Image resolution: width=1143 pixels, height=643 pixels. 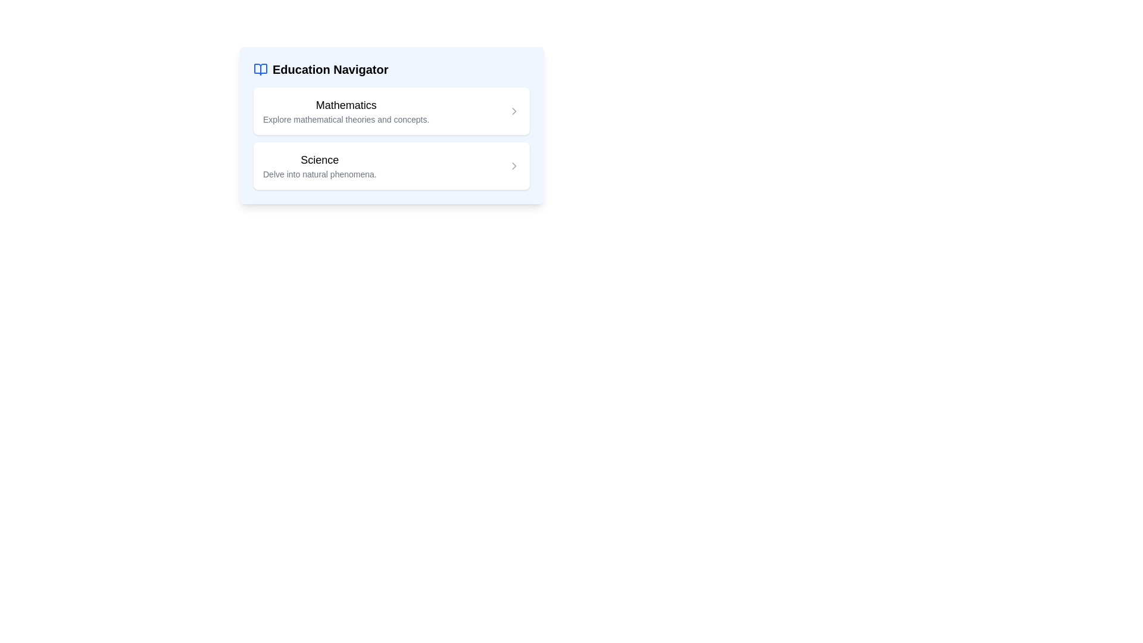 What do you see at coordinates (345, 111) in the screenshot?
I see `the 'Mathematics' text block located at the top of the card within the 'Education Navigator' section` at bounding box center [345, 111].